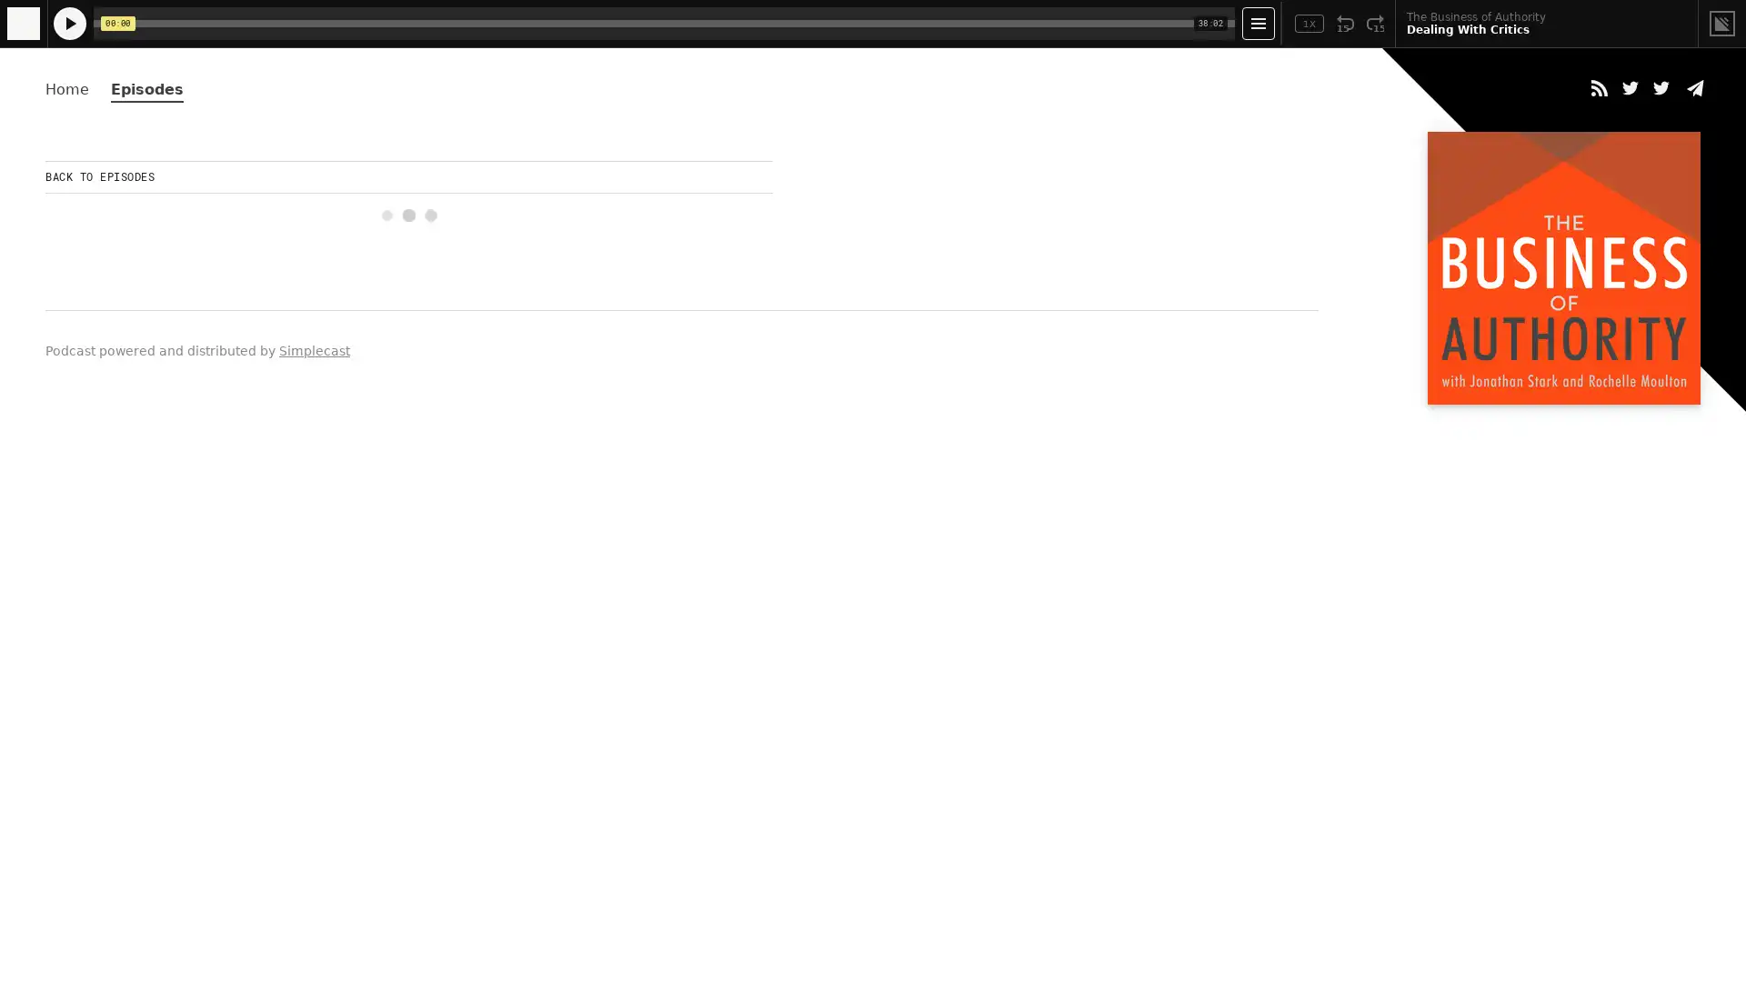 Image resolution: width=1746 pixels, height=982 pixels. I want to click on Toggle Speed: Current Speed 1x, so click(1309, 24).